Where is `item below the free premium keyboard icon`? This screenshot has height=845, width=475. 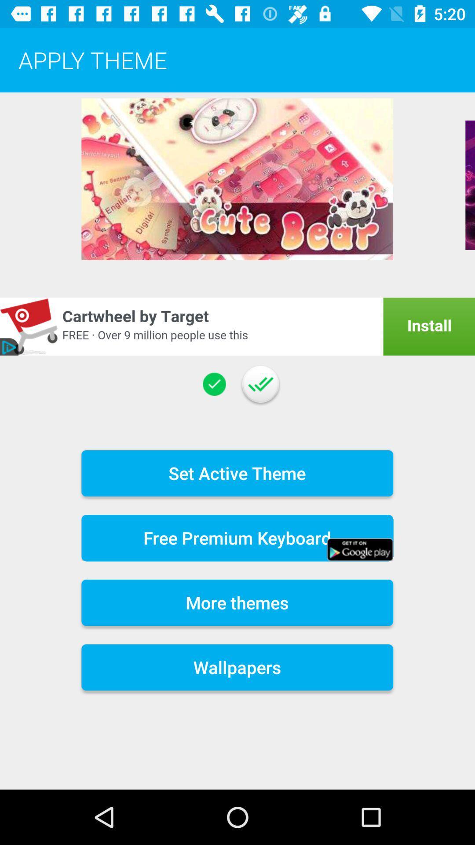 item below the free premium keyboard icon is located at coordinates (237, 602).